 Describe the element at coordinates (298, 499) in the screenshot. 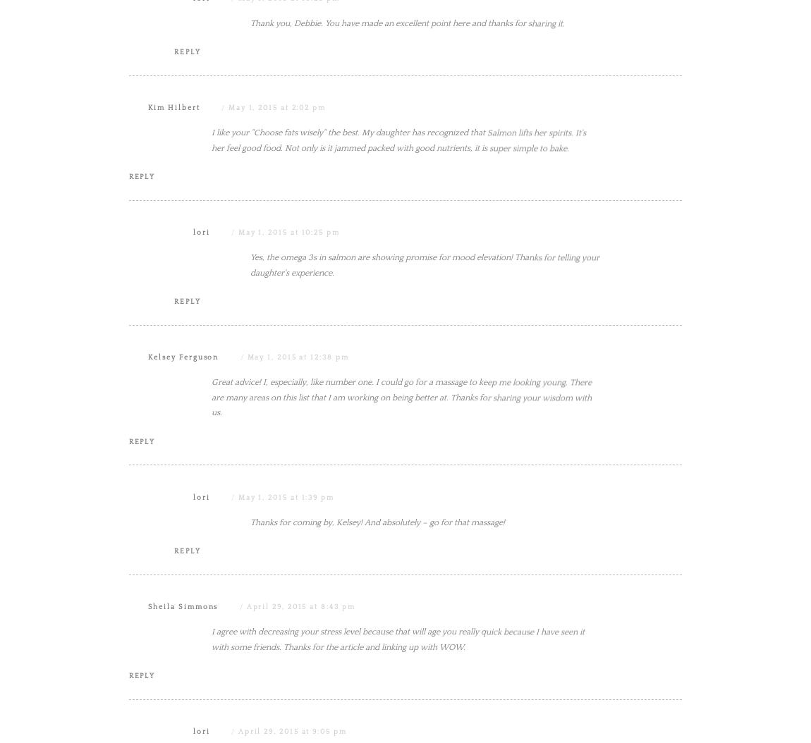

I see `'May 1, 2015 at 12:38 pm'` at that location.